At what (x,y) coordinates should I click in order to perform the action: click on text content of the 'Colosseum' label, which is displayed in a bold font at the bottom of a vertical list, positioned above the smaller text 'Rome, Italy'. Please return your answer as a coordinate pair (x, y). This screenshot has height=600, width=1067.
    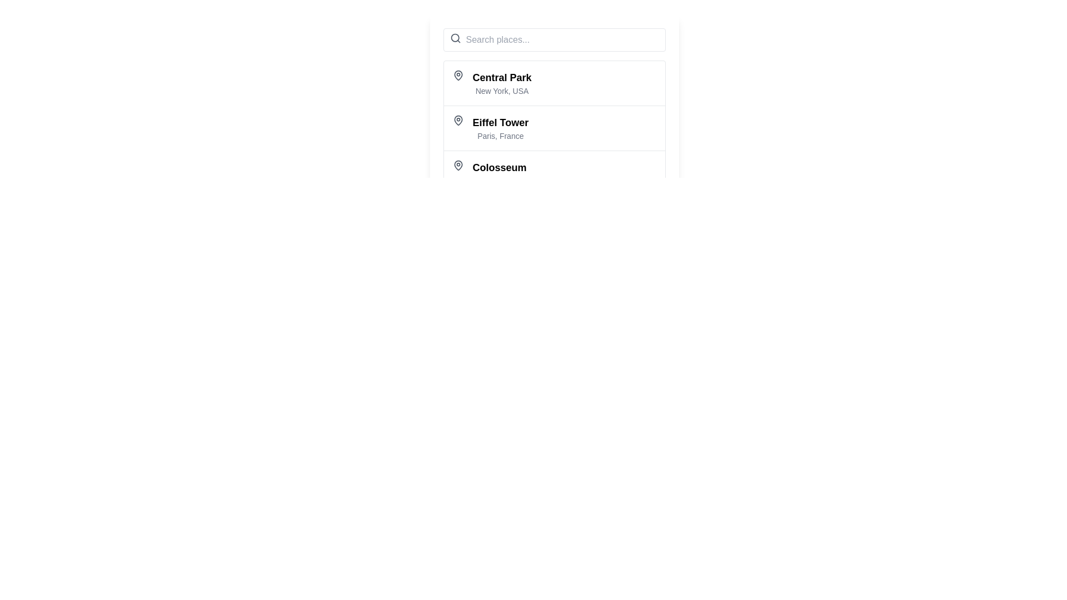
    Looking at the image, I should click on (498, 167).